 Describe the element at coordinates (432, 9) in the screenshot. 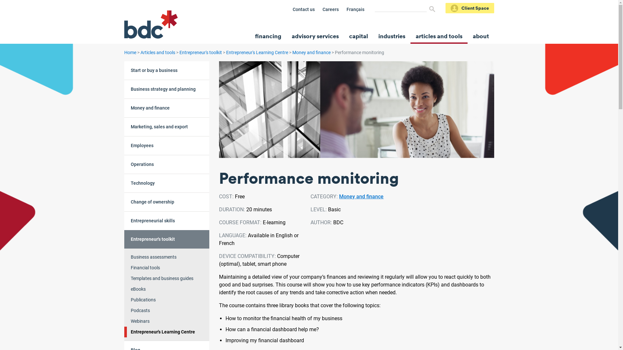

I see `'Search'` at that location.